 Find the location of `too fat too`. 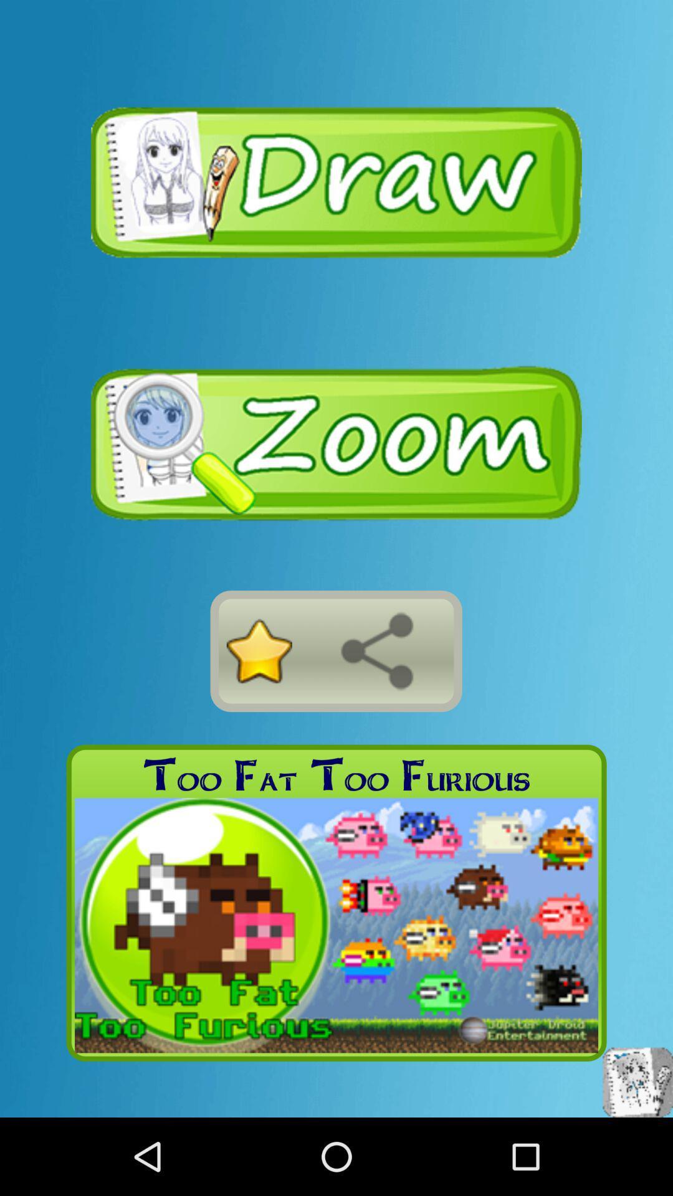

too fat too is located at coordinates (336, 774).